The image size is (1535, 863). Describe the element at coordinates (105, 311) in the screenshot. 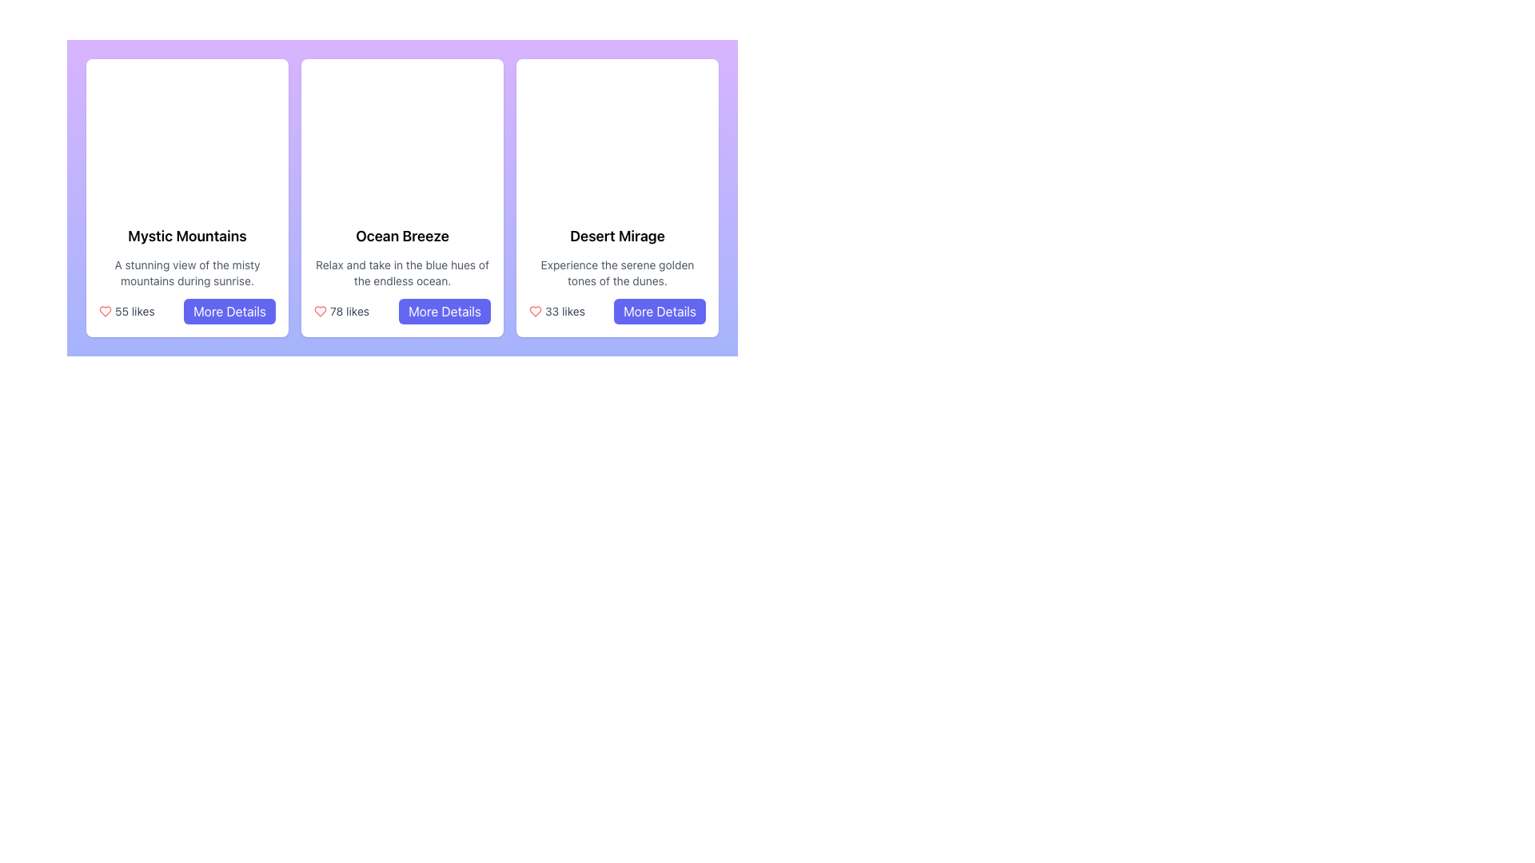

I see `the 'like' icon located above the '55 likes' text in the first card labeled 'Mystic Mountains'` at that location.